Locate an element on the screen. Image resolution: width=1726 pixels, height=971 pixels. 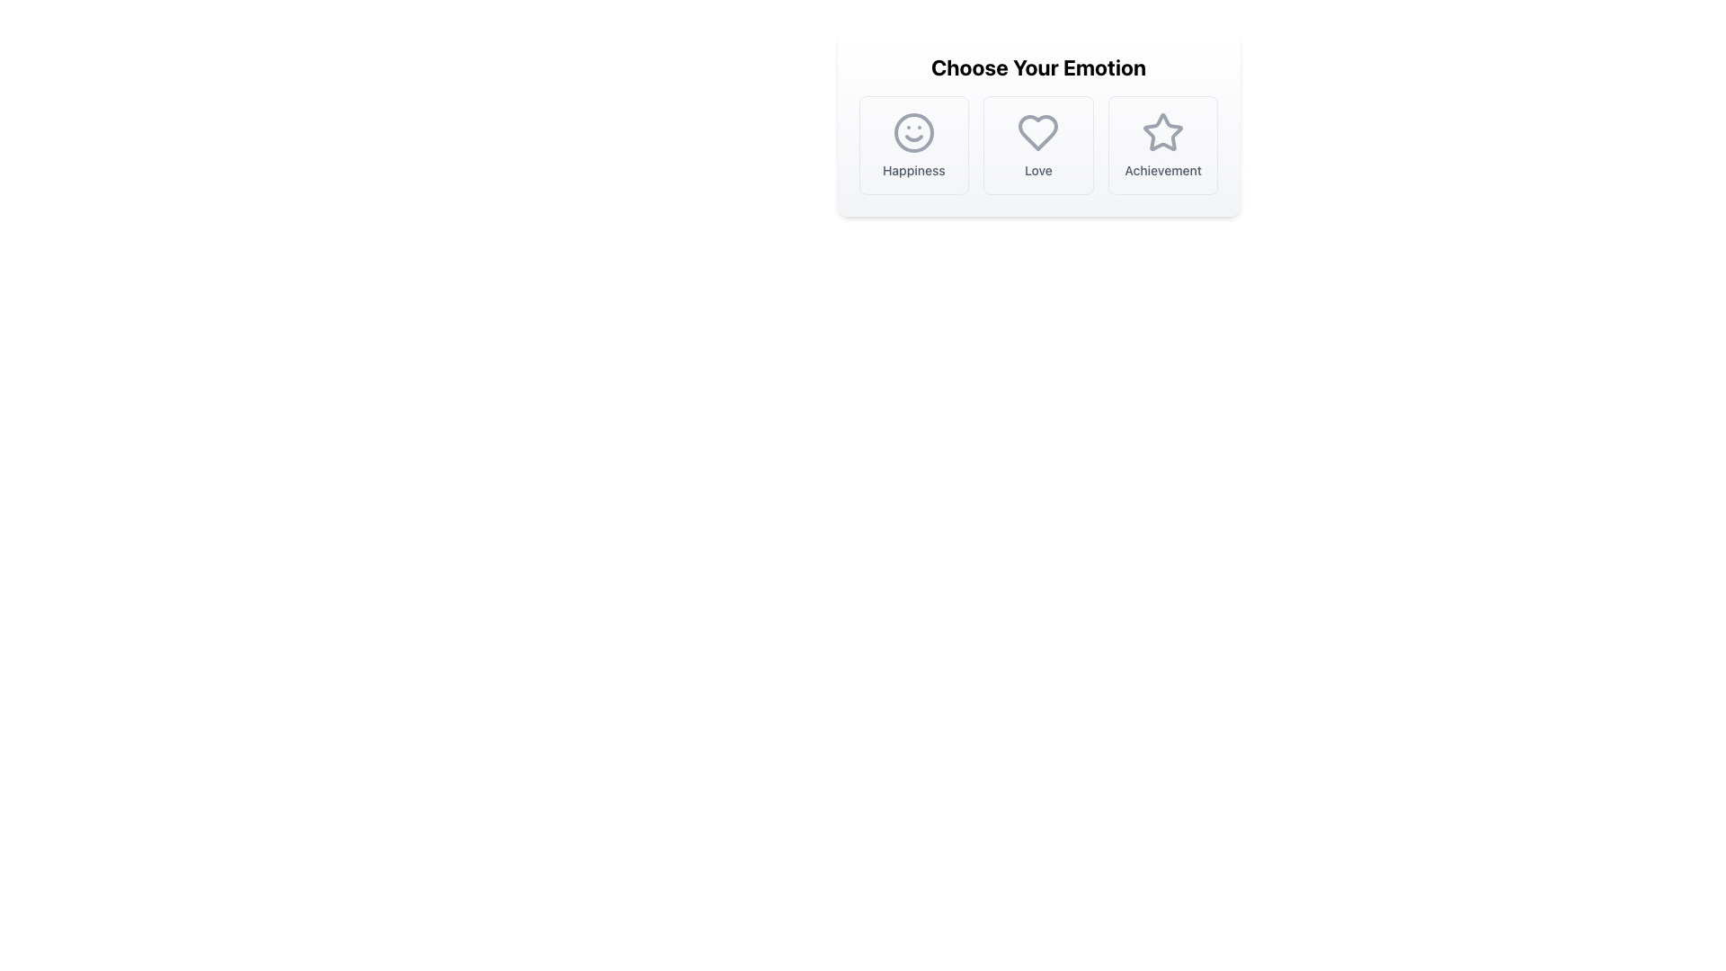
to select the 'Happiness' emotion from the interactive selection box, which is the first item in a grid layout of emotions is located at coordinates (913, 145).